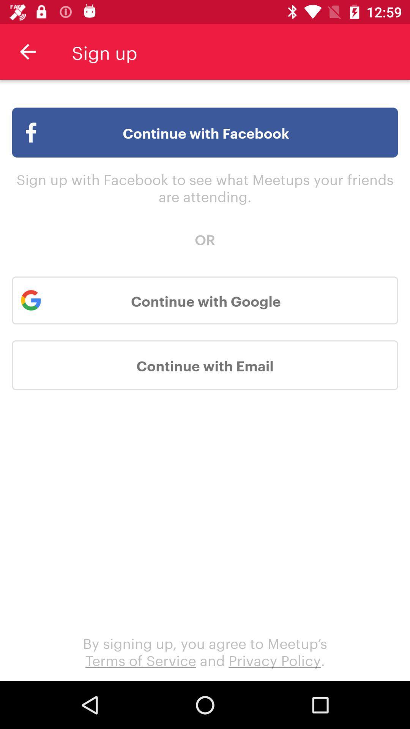  I want to click on the by signing up, so click(205, 651).